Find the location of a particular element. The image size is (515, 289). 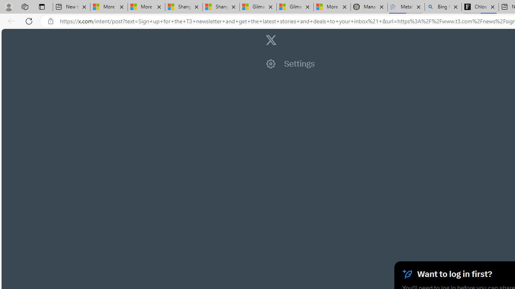

'Personal Profile' is located at coordinates (8, 6).